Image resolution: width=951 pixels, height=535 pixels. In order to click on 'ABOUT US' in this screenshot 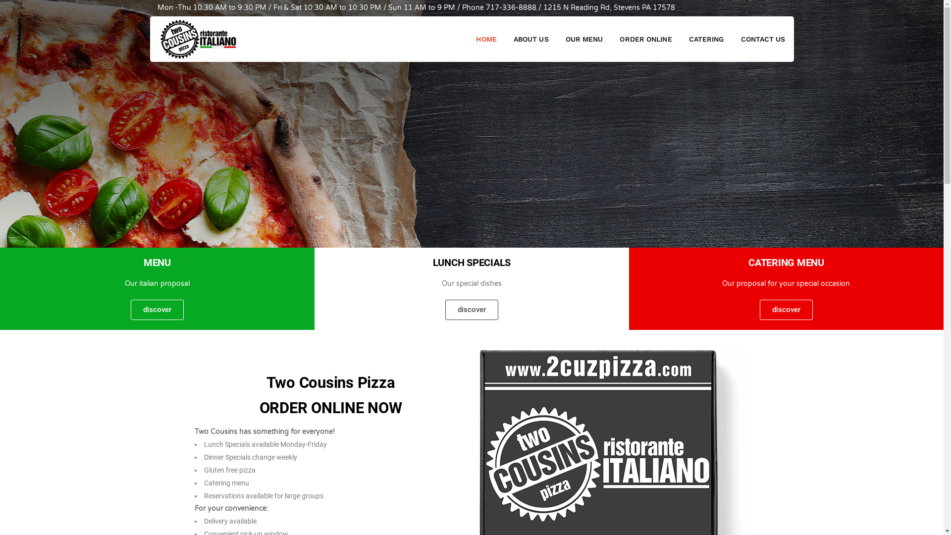, I will do `click(530, 38)`.